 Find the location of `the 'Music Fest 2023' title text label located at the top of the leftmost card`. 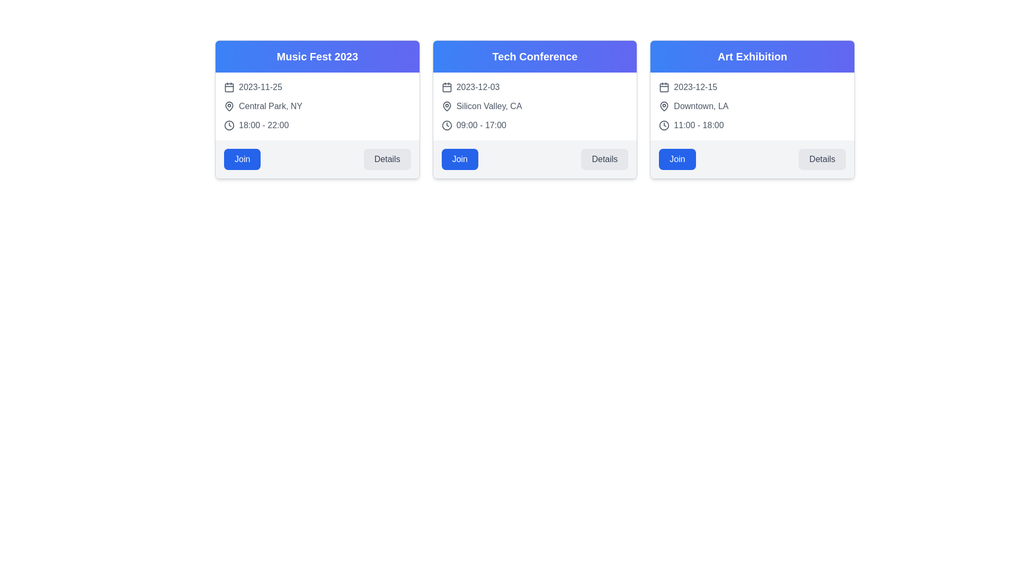

the 'Music Fest 2023' title text label located at the top of the leftmost card is located at coordinates (317, 57).